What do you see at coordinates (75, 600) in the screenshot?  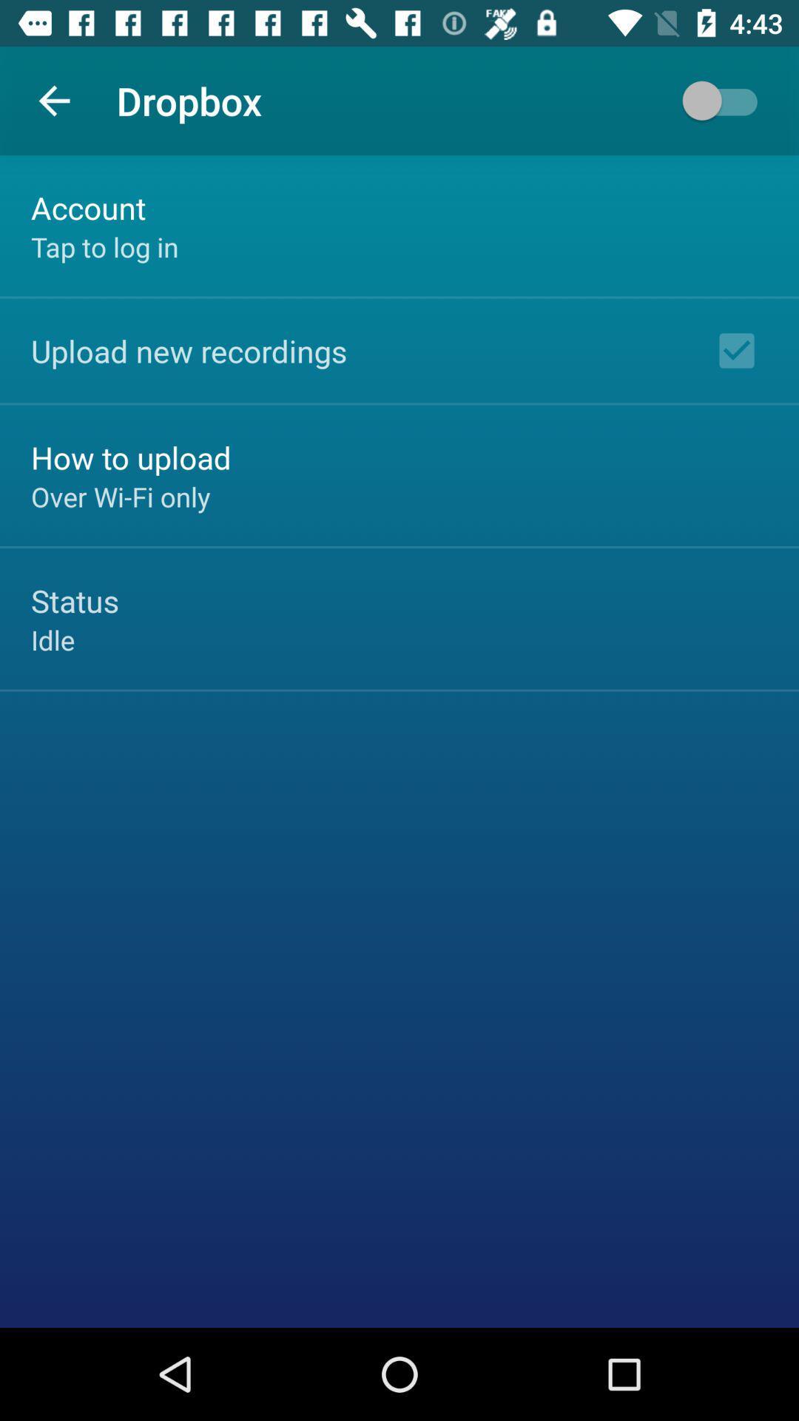 I see `the item below over wi fi icon` at bounding box center [75, 600].